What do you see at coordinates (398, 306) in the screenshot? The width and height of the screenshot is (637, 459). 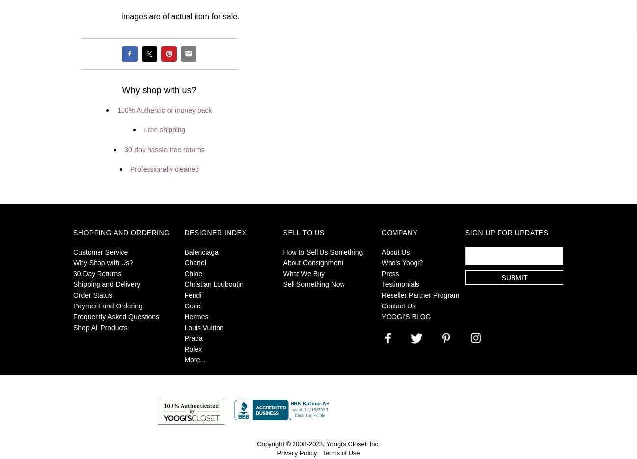 I see `'Contact Us'` at bounding box center [398, 306].